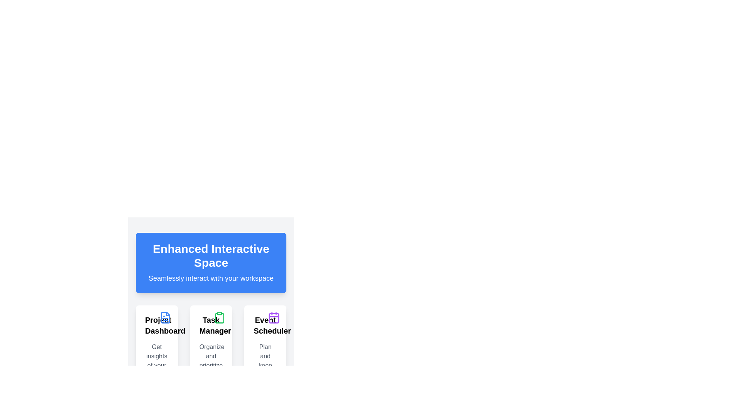 This screenshot has width=741, height=417. What do you see at coordinates (211, 278) in the screenshot?
I see `the Text Label that provides descriptive information beneath the title 'Enhanced Interactive Space'` at bounding box center [211, 278].